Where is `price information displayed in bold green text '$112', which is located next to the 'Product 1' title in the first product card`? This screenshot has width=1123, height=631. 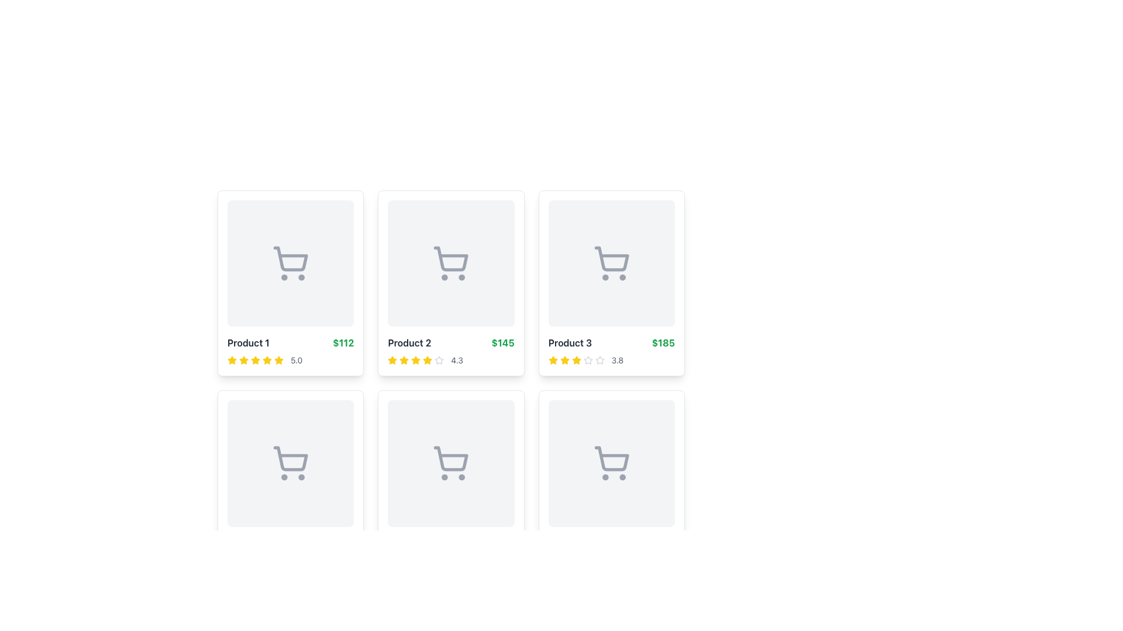 price information displayed in bold green text '$112', which is located next to the 'Product 1' title in the first product card is located at coordinates (343, 342).